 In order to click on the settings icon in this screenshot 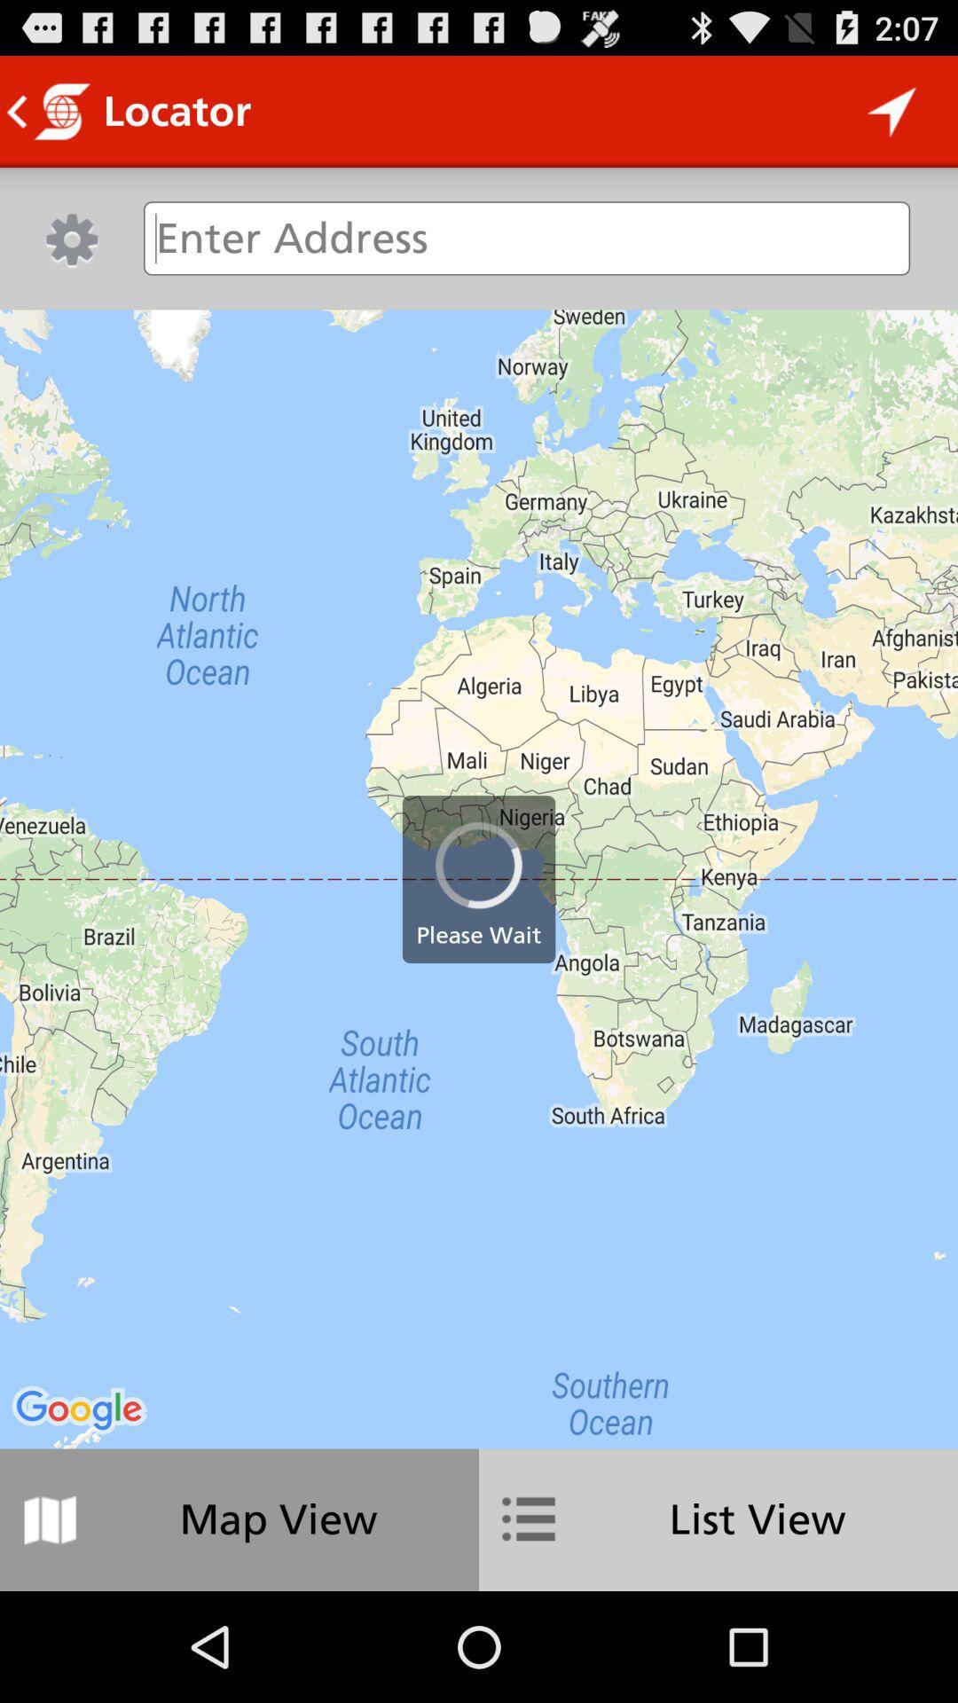, I will do `click(71, 254)`.